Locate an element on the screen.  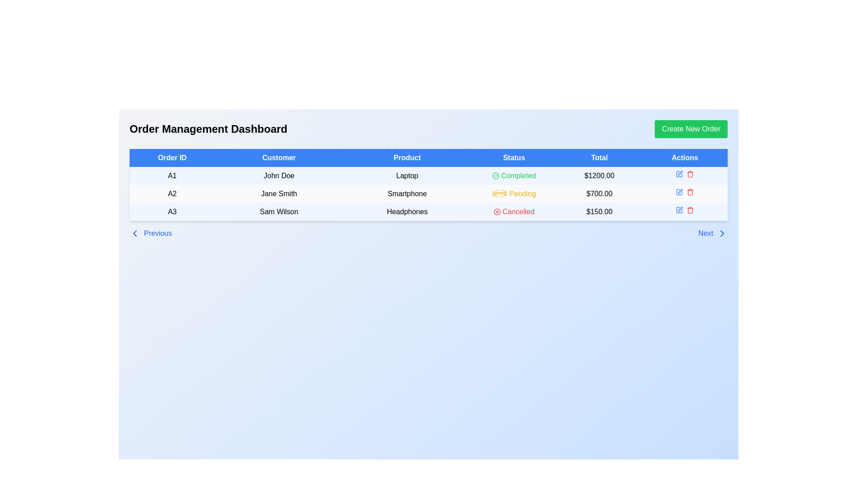
the blue rectangular table header cell containing the text 'Product' in white, centered and bold, which is the third column in a table header row is located at coordinates (407, 157).